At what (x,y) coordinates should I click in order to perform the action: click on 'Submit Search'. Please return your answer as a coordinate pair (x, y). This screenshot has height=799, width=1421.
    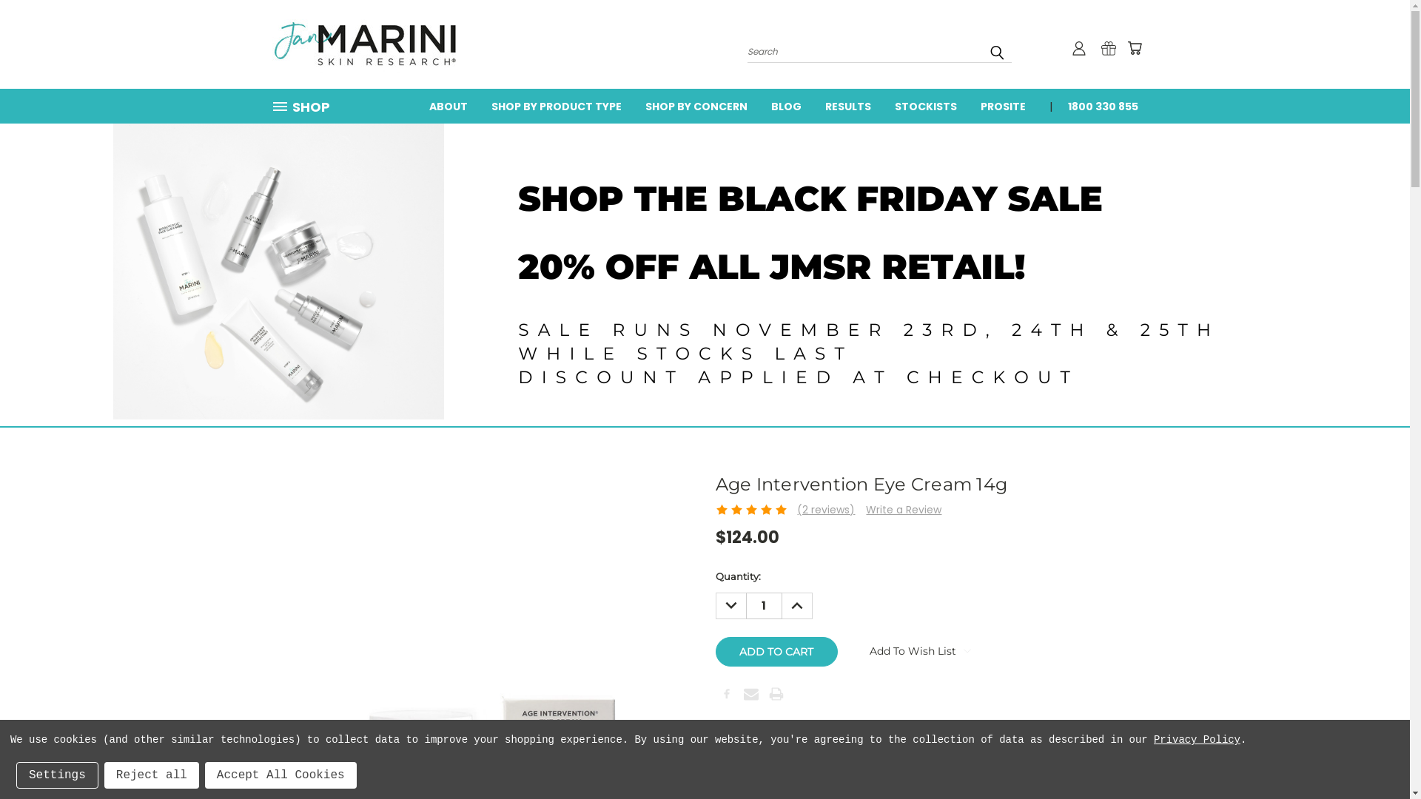
    Looking at the image, I should click on (997, 51).